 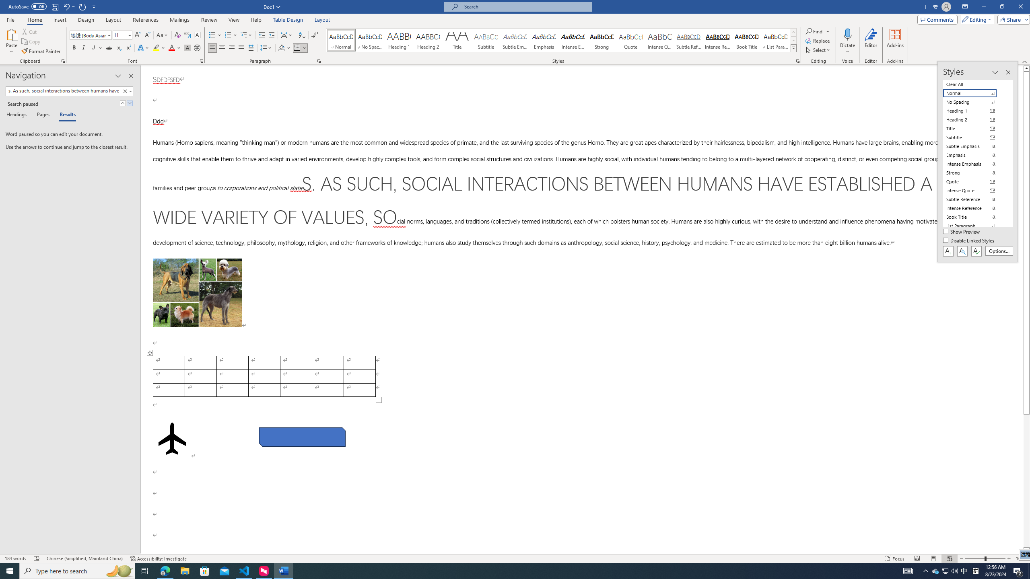 I want to click on 'AutomationID: QuickStylesGallery', so click(x=561, y=40).